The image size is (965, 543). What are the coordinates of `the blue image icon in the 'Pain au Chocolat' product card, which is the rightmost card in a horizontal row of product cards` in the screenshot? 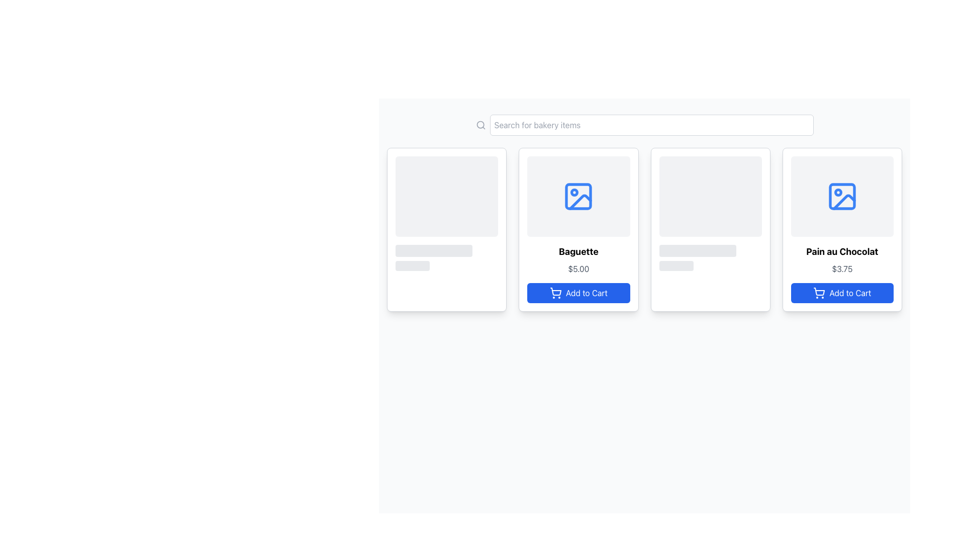 It's located at (842, 196).